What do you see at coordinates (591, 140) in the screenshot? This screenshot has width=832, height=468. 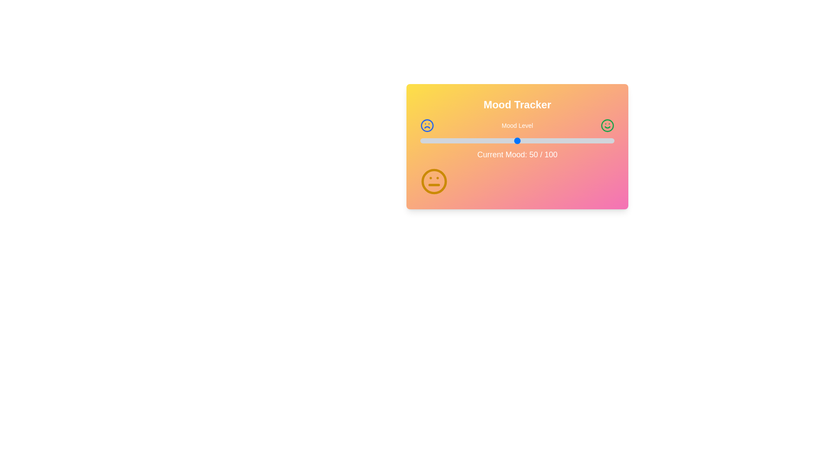 I see `the mood level slider to 88 where mood_level is a percentage between 0 and 100` at bounding box center [591, 140].